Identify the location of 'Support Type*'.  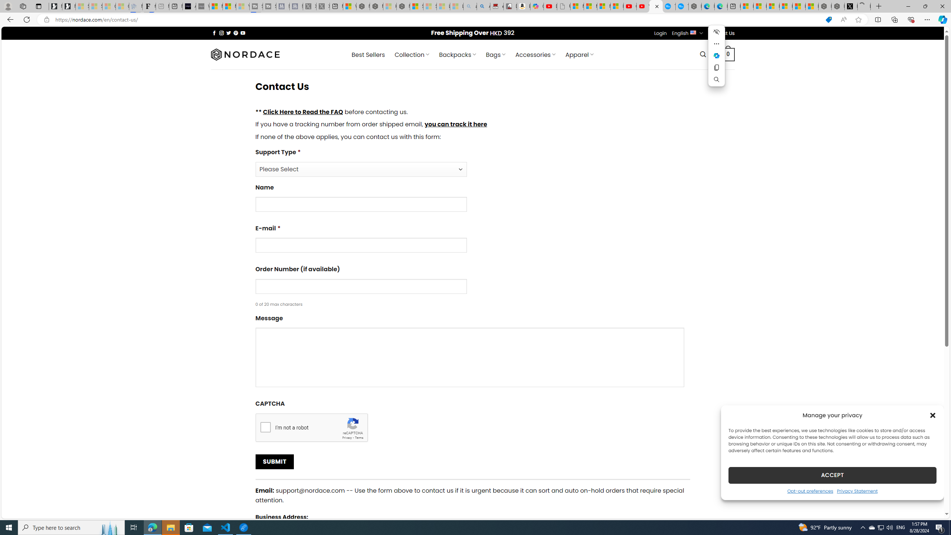
(360, 169).